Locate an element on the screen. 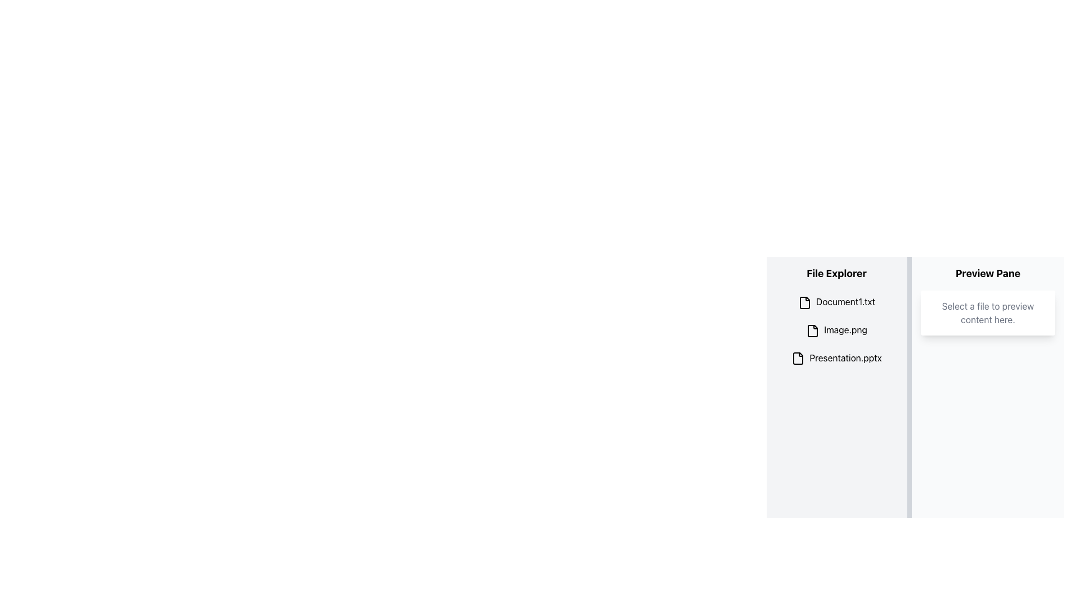 The width and height of the screenshot is (1080, 607). the first icon in the File Explorer list representing 'Document1.txt' by moving the cursor to its center point is located at coordinates (804, 301).